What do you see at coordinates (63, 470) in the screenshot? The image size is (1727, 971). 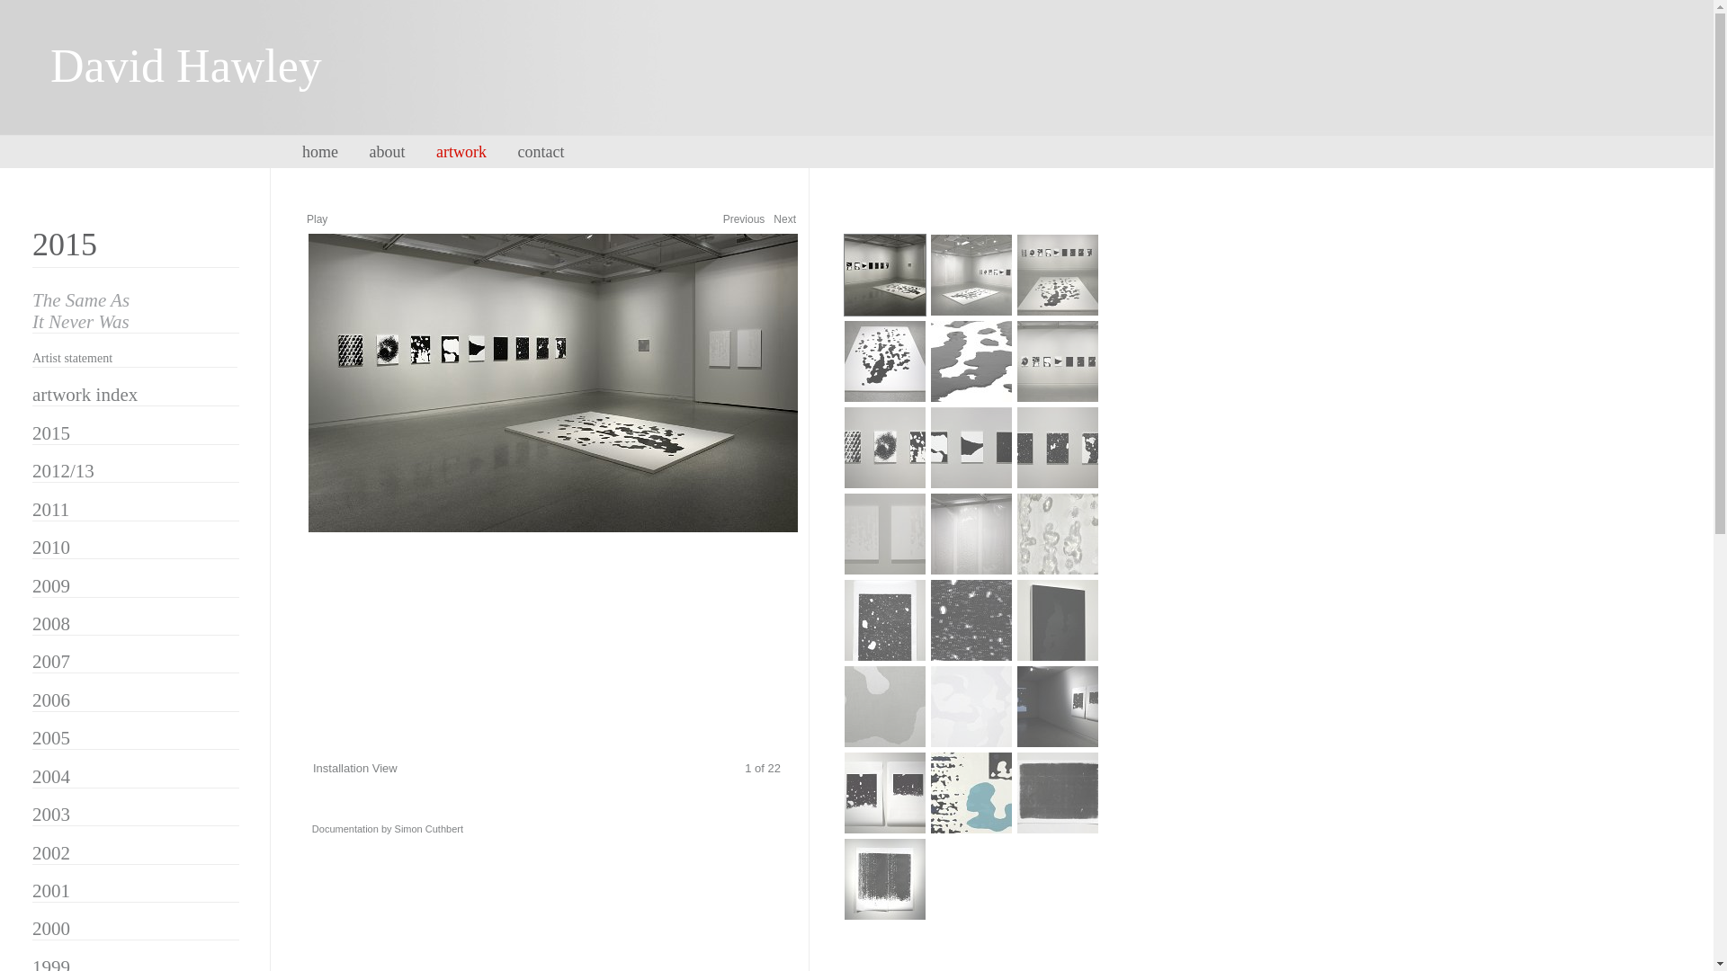 I see `'2012/13'` at bounding box center [63, 470].